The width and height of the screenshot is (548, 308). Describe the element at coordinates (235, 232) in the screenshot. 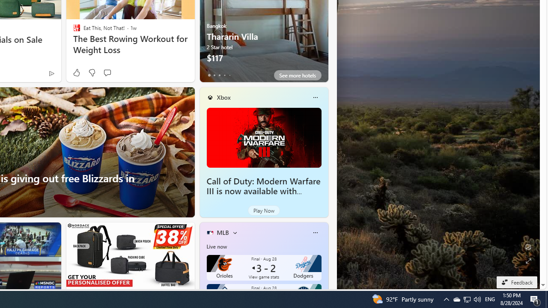

I see `'More interests'` at that location.